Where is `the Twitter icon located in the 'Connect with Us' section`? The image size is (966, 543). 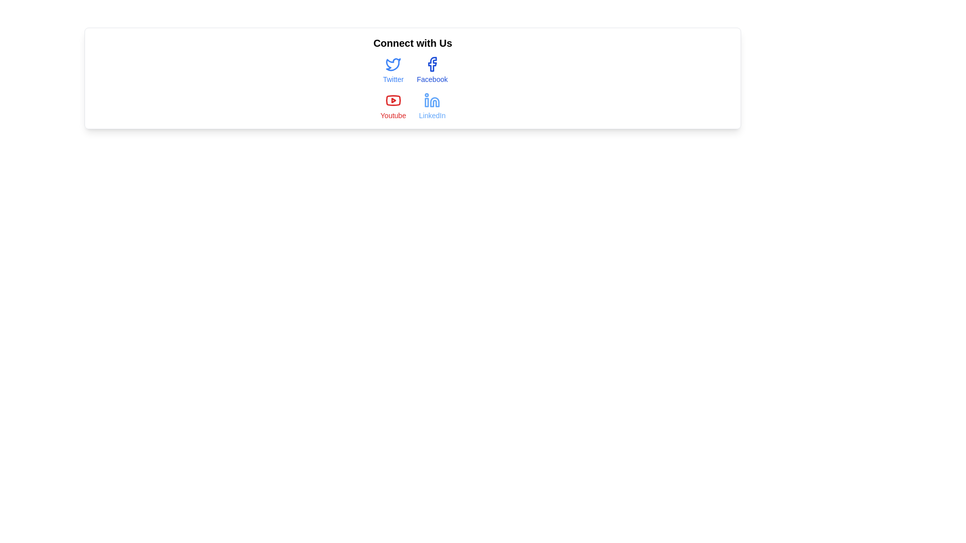
the Twitter icon located in the 'Connect with Us' section is located at coordinates (392, 64).